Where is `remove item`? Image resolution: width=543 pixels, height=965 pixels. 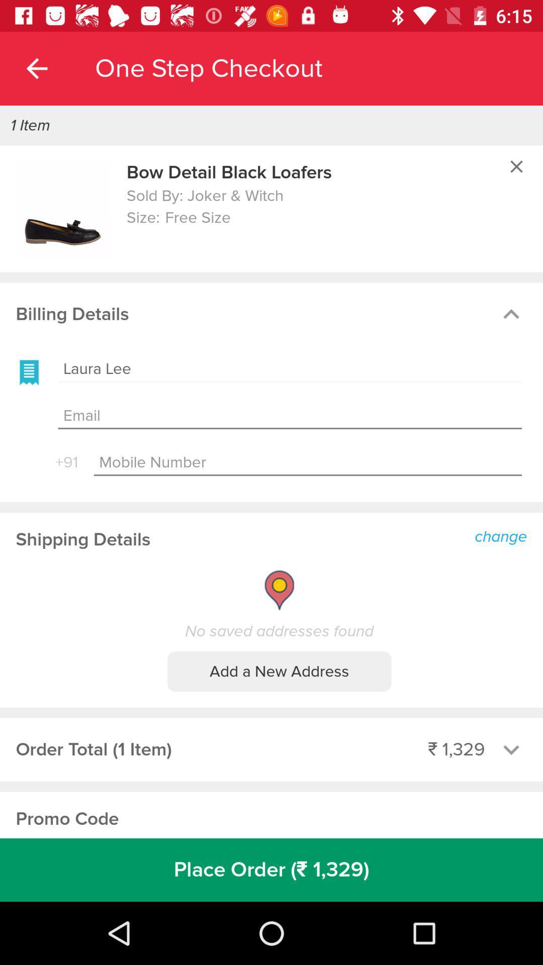 remove item is located at coordinates (516, 166).